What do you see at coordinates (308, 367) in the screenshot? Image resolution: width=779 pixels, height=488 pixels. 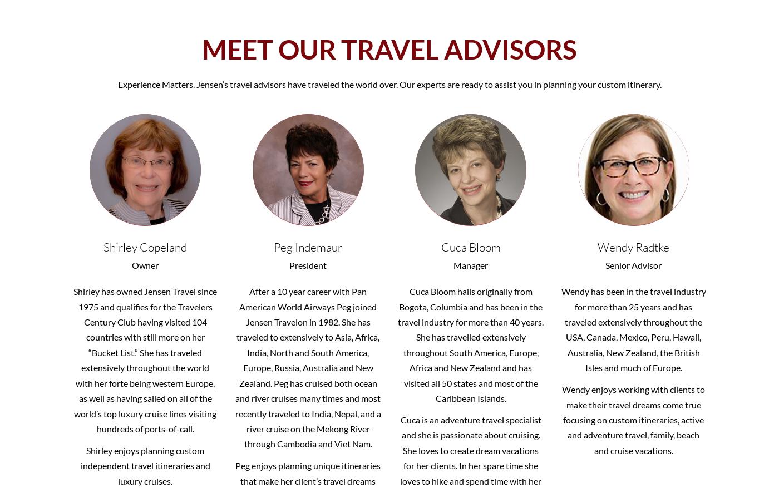 I see `'After a 10 year career with Pan American World Airways Peg joined Jensen Travelon in 1982. She has traveled to extensively to Asia, Africa, India, North and South America, Europe, Russia, Australia and New Zealand. Peg has cruised both ocean and river cruises many times and most recently traveled to India, Nepal, and a river cruise on the Mekong River through Cambodia and Viet Nam.'` at bounding box center [308, 367].